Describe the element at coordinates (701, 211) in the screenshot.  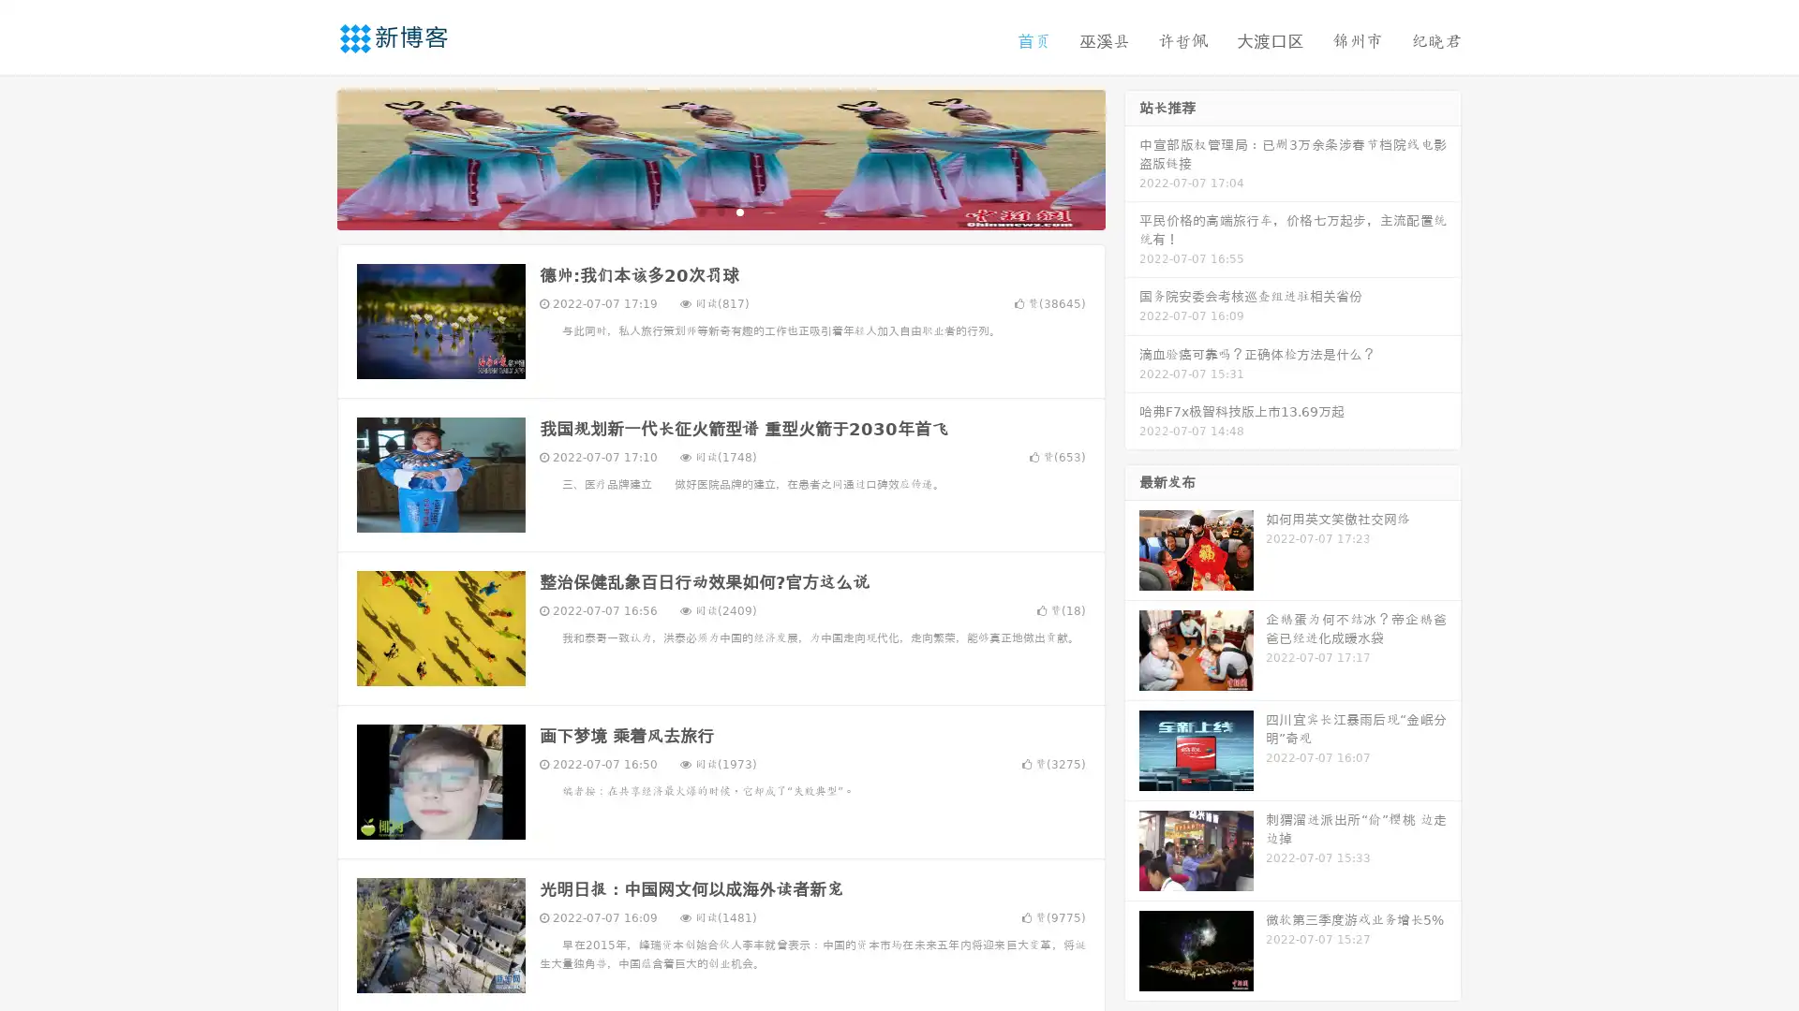
I see `Go to slide 1` at that location.